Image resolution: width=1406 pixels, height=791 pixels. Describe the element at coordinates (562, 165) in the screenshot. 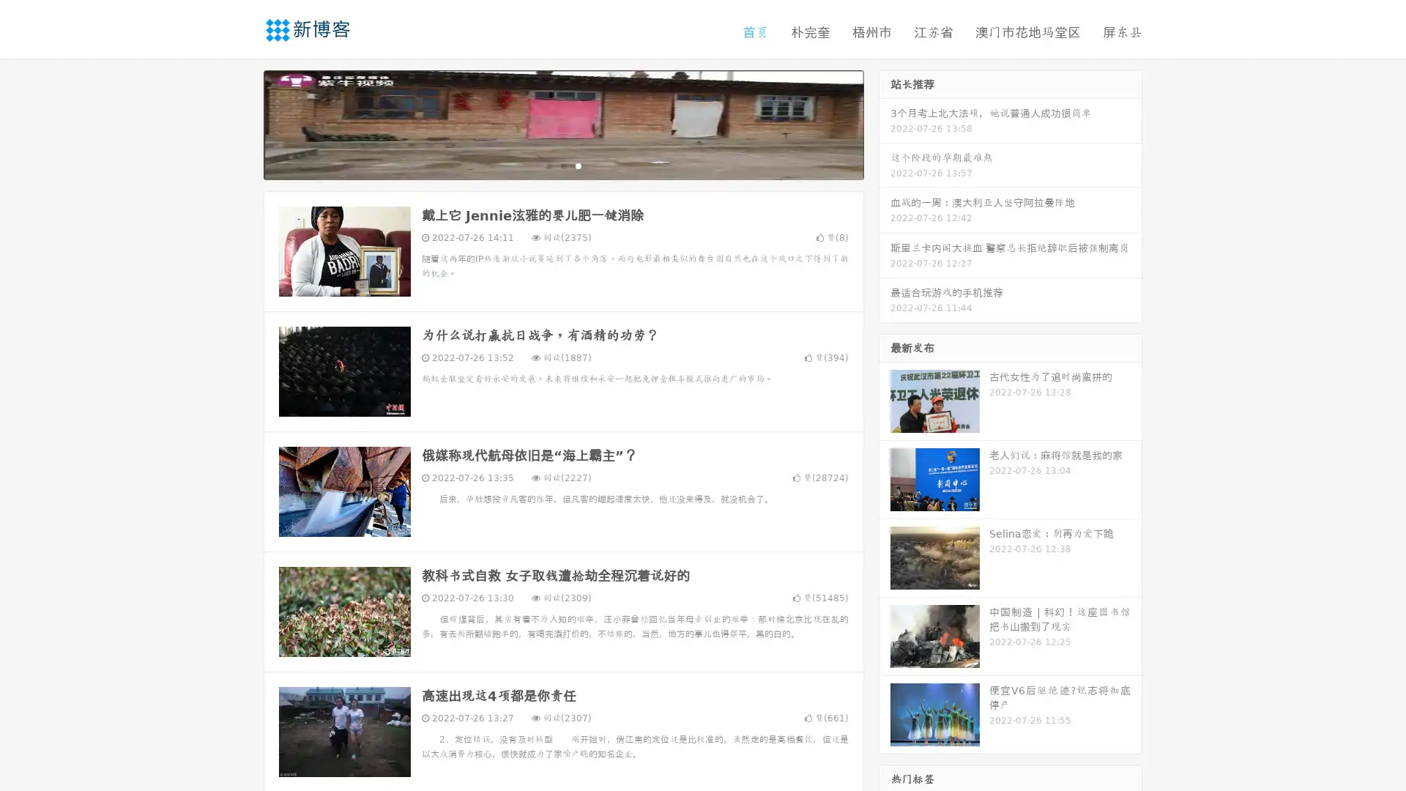

I see `Go to slide 2` at that location.